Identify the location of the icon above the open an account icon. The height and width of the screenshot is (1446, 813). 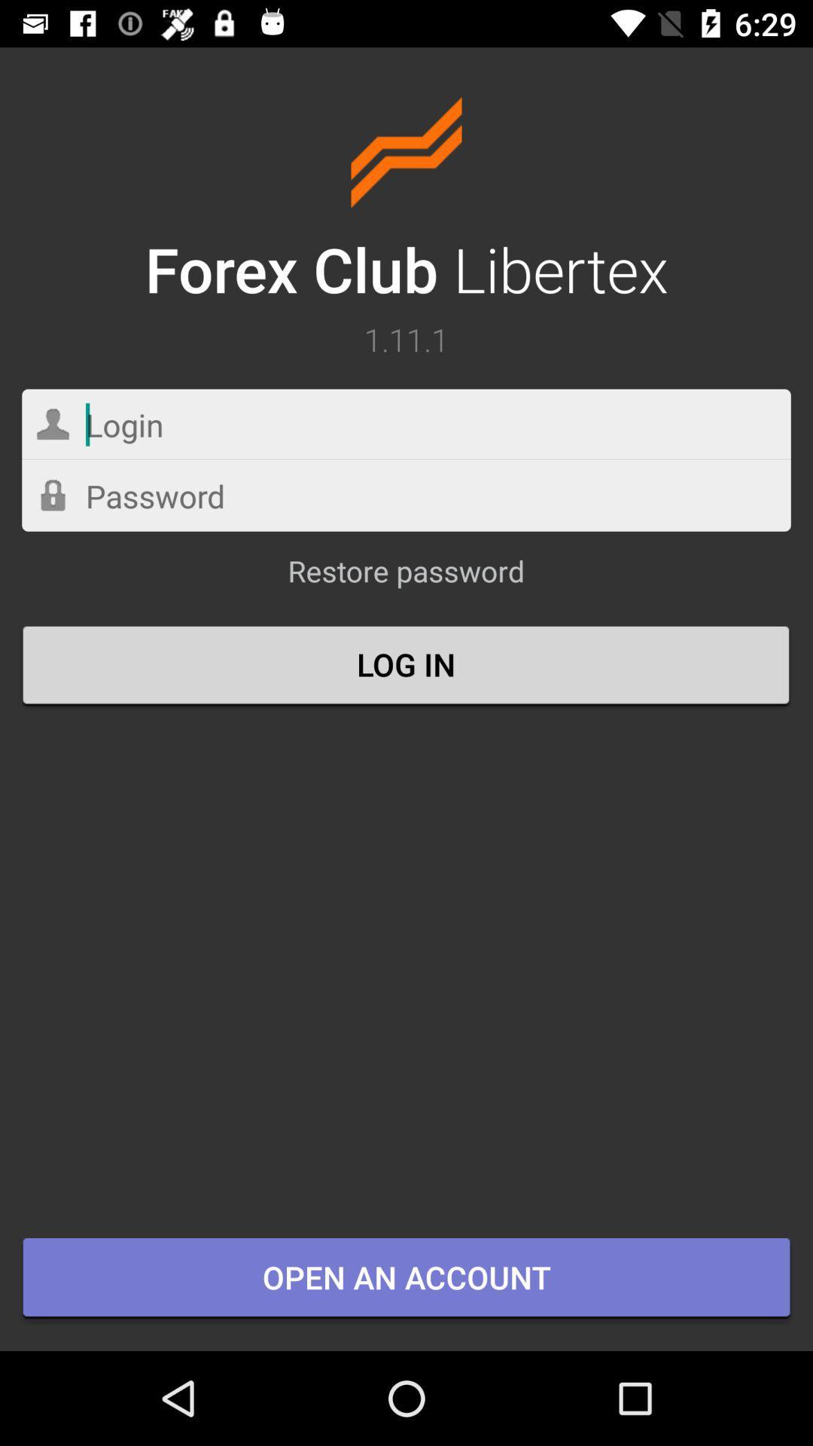
(406, 666).